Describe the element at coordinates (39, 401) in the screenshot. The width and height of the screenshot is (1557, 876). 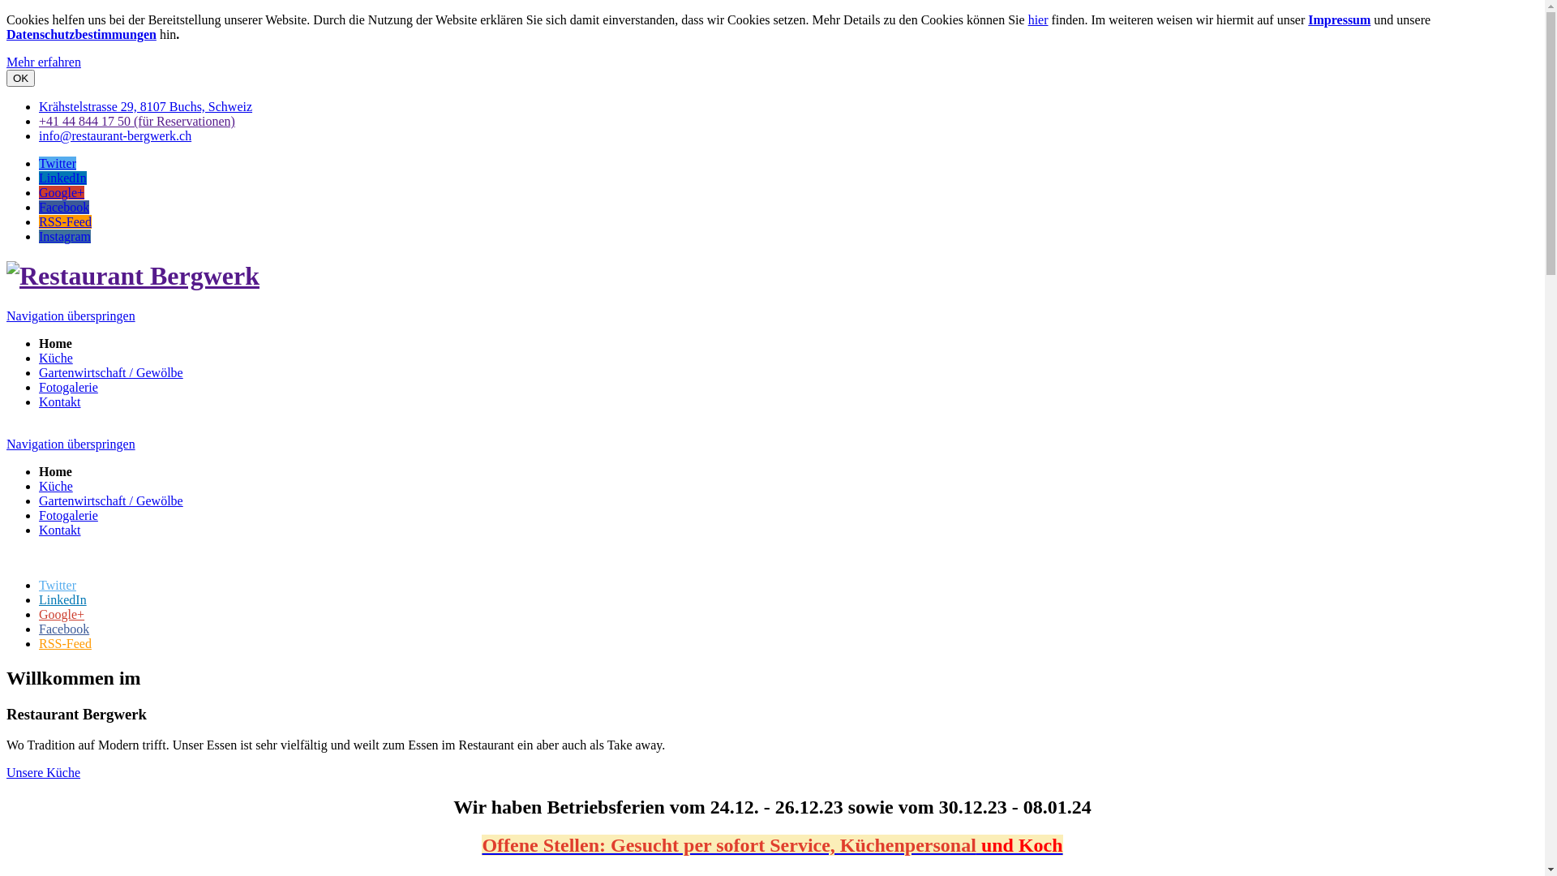
I see `'Kontakt'` at that location.